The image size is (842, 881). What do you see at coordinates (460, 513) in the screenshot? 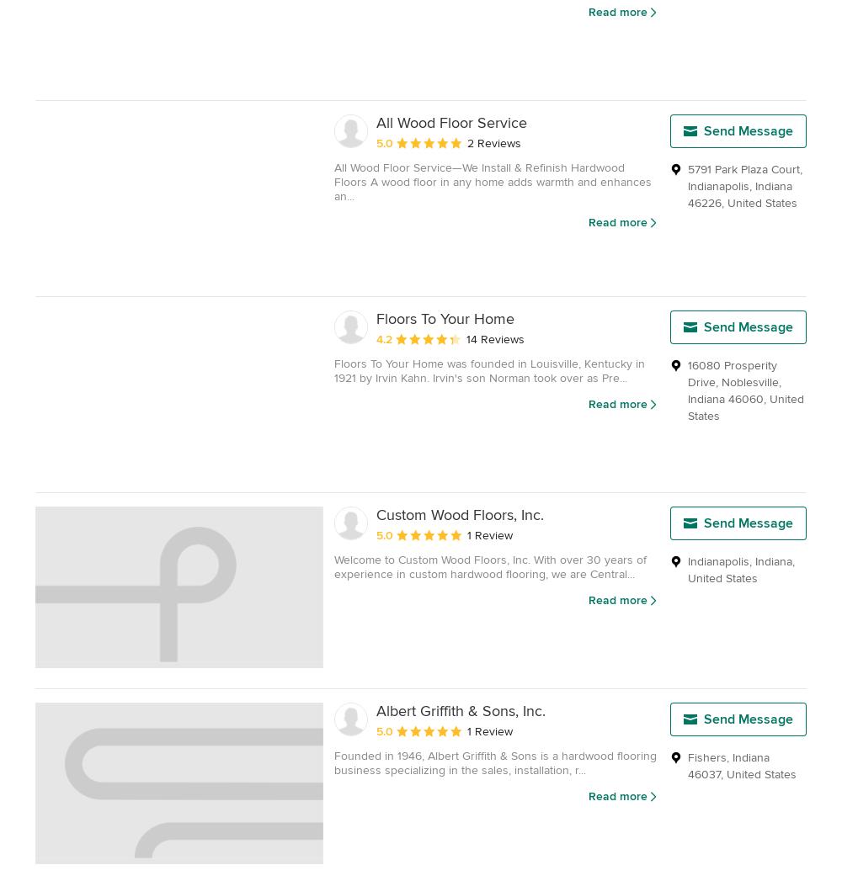
I see `'Custom Wood Floors, Inc.'` at bounding box center [460, 513].